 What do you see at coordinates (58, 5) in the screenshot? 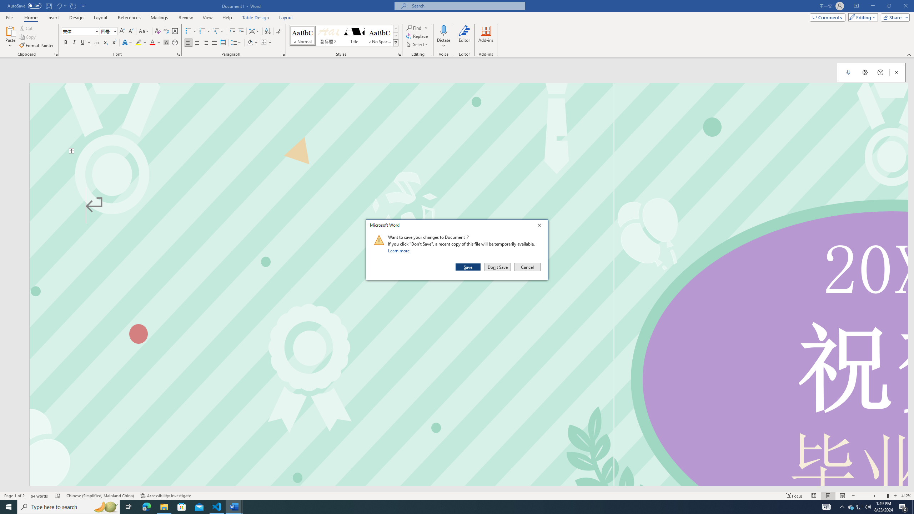
I see `'Undo Text Fill Effect'` at bounding box center [58, 5].